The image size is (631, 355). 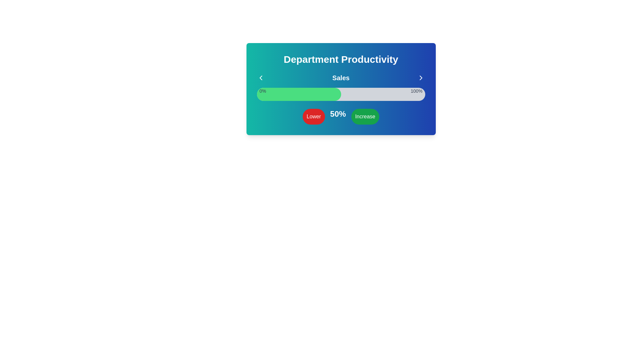 I want to click on the Text Label displaying a percentage value, located centrally between the 'Lower' button on the left and the 'Increase' button on the right, so click(x=338, y=116).